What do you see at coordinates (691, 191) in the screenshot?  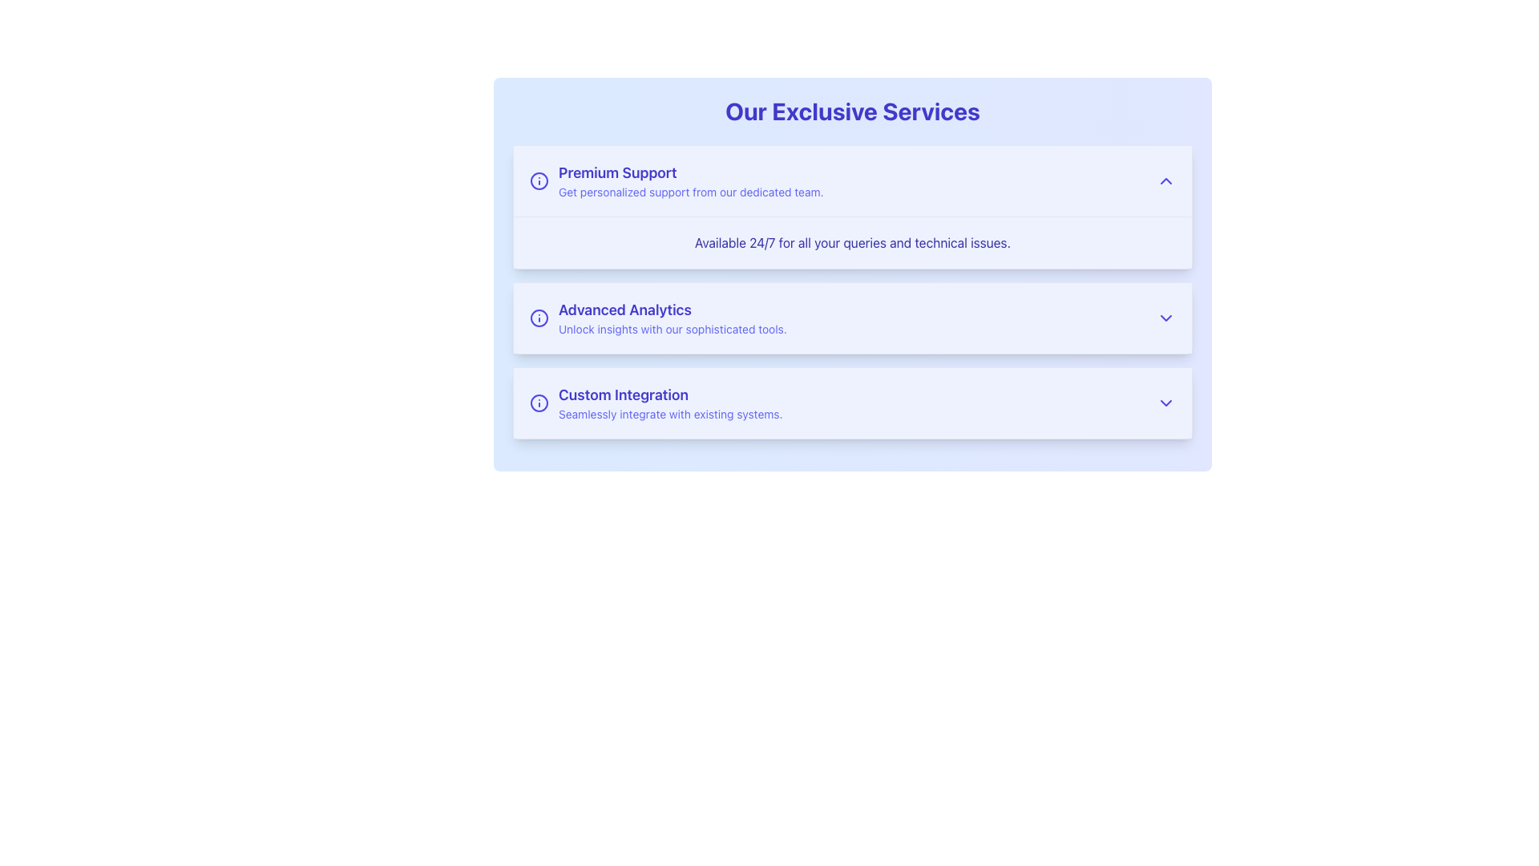 I see `the informational text stating 'Get personalized support from our dedicated team.' located beneath the 'Premium Support' heading` at bounding box center [691, 191].